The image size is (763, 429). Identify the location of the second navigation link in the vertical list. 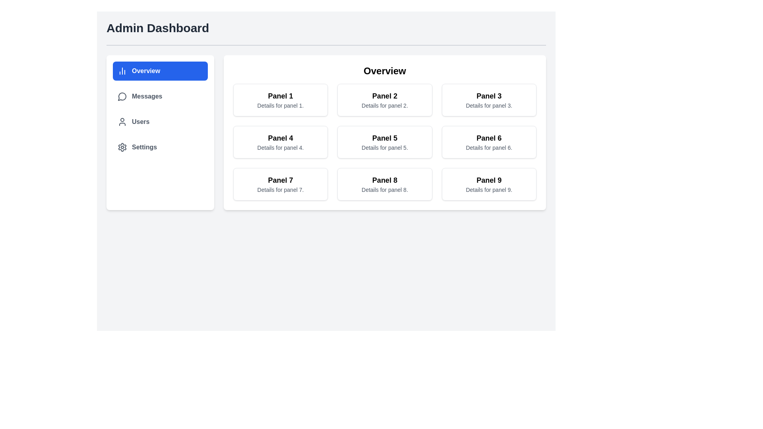
(160, 96).